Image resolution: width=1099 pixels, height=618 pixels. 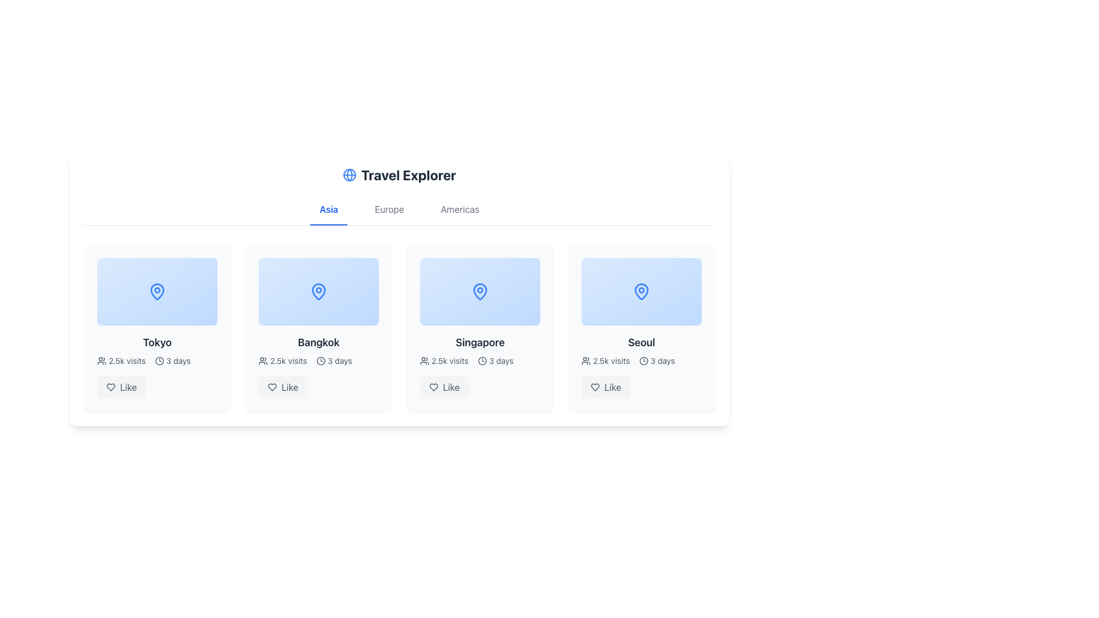 What do you see at coordinates (642, 342) in the screenshot?
I see `text label displaying 'Seoul' in bold and large font, located under the blue map pin icon within the fourth card of the 'Asia' row` at bounding box center [642, 342].